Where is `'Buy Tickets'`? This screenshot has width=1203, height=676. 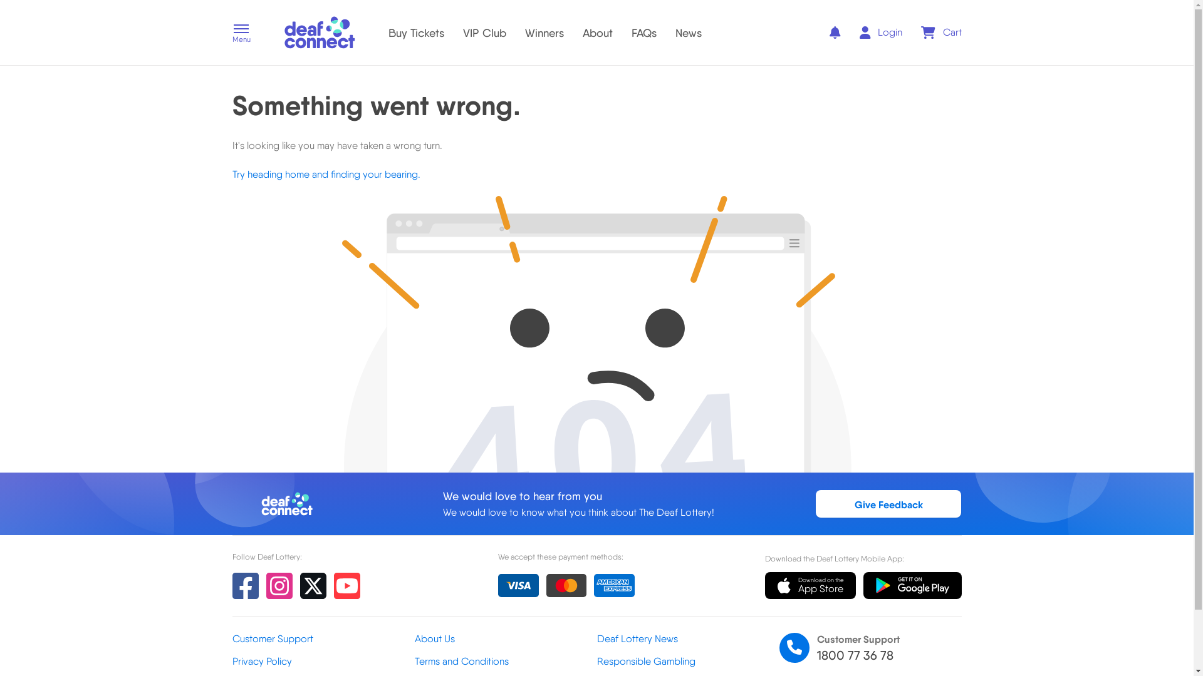 'Buy Tickets' is located at coordinates (416, 31).